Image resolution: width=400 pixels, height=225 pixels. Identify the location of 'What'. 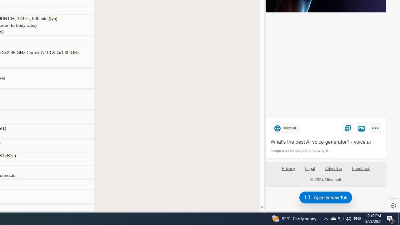
(325, 142).